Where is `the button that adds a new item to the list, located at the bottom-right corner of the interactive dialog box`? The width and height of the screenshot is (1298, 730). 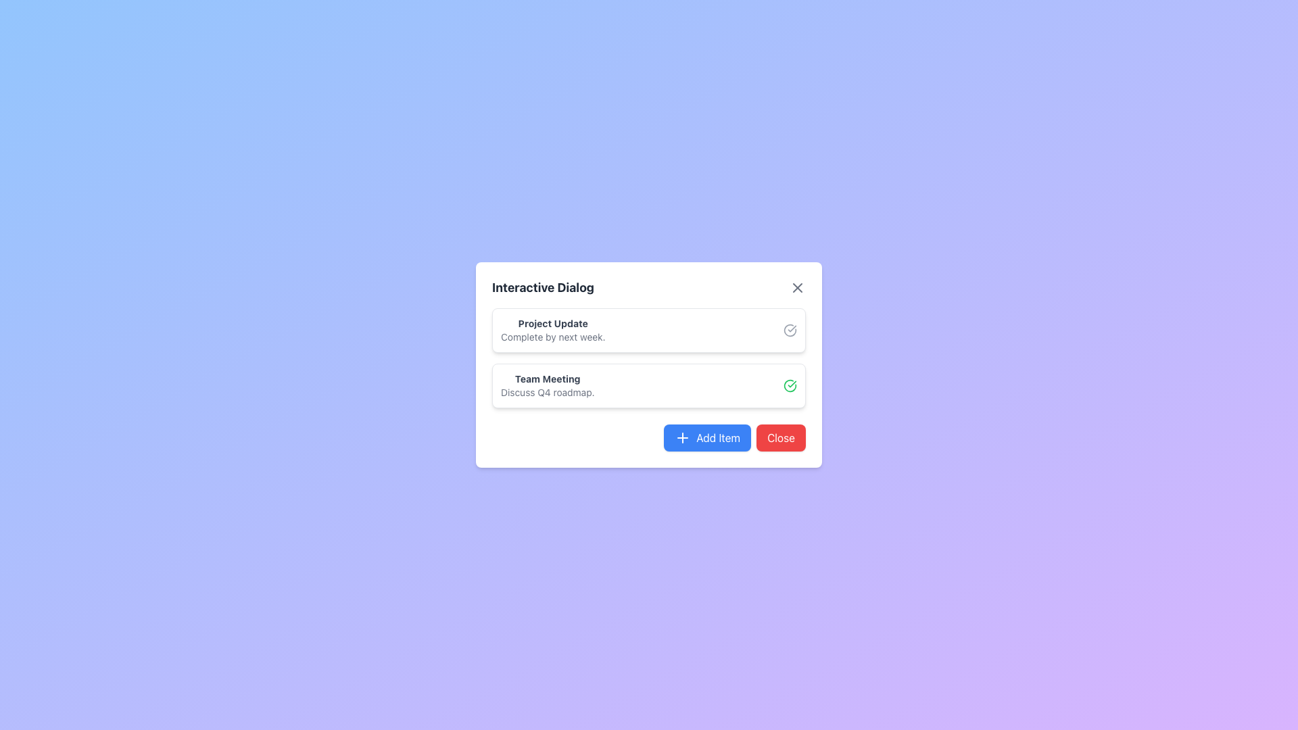
the button that adds a new item to the list, located at the bottom-right corner of the interactive dialog box is located at coordinates (706, 438).